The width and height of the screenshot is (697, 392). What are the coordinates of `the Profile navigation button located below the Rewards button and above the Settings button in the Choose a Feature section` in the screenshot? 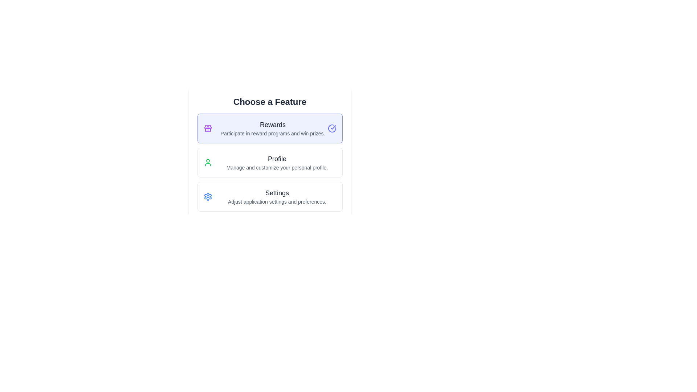 It's located at (269, 162).